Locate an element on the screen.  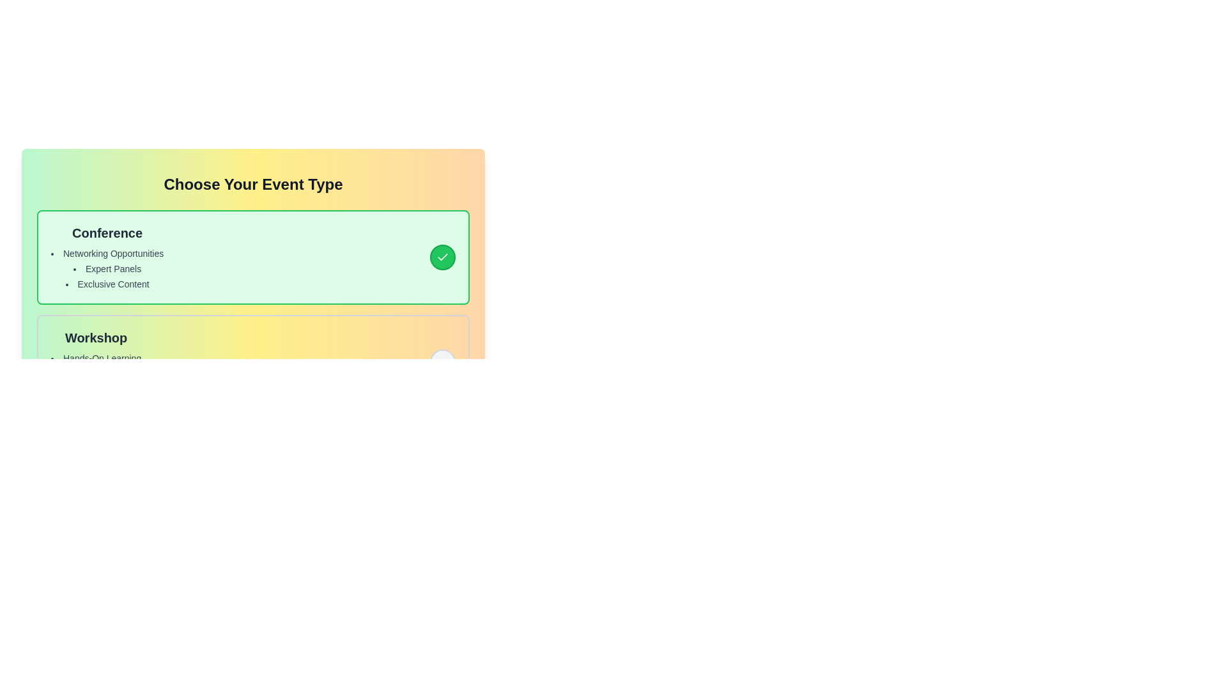
the visual confirmation state of the checkmark icon indicating selection within the 'Conference' panel, which is styled with a clean and modern design is located at coordinates (442, 256).